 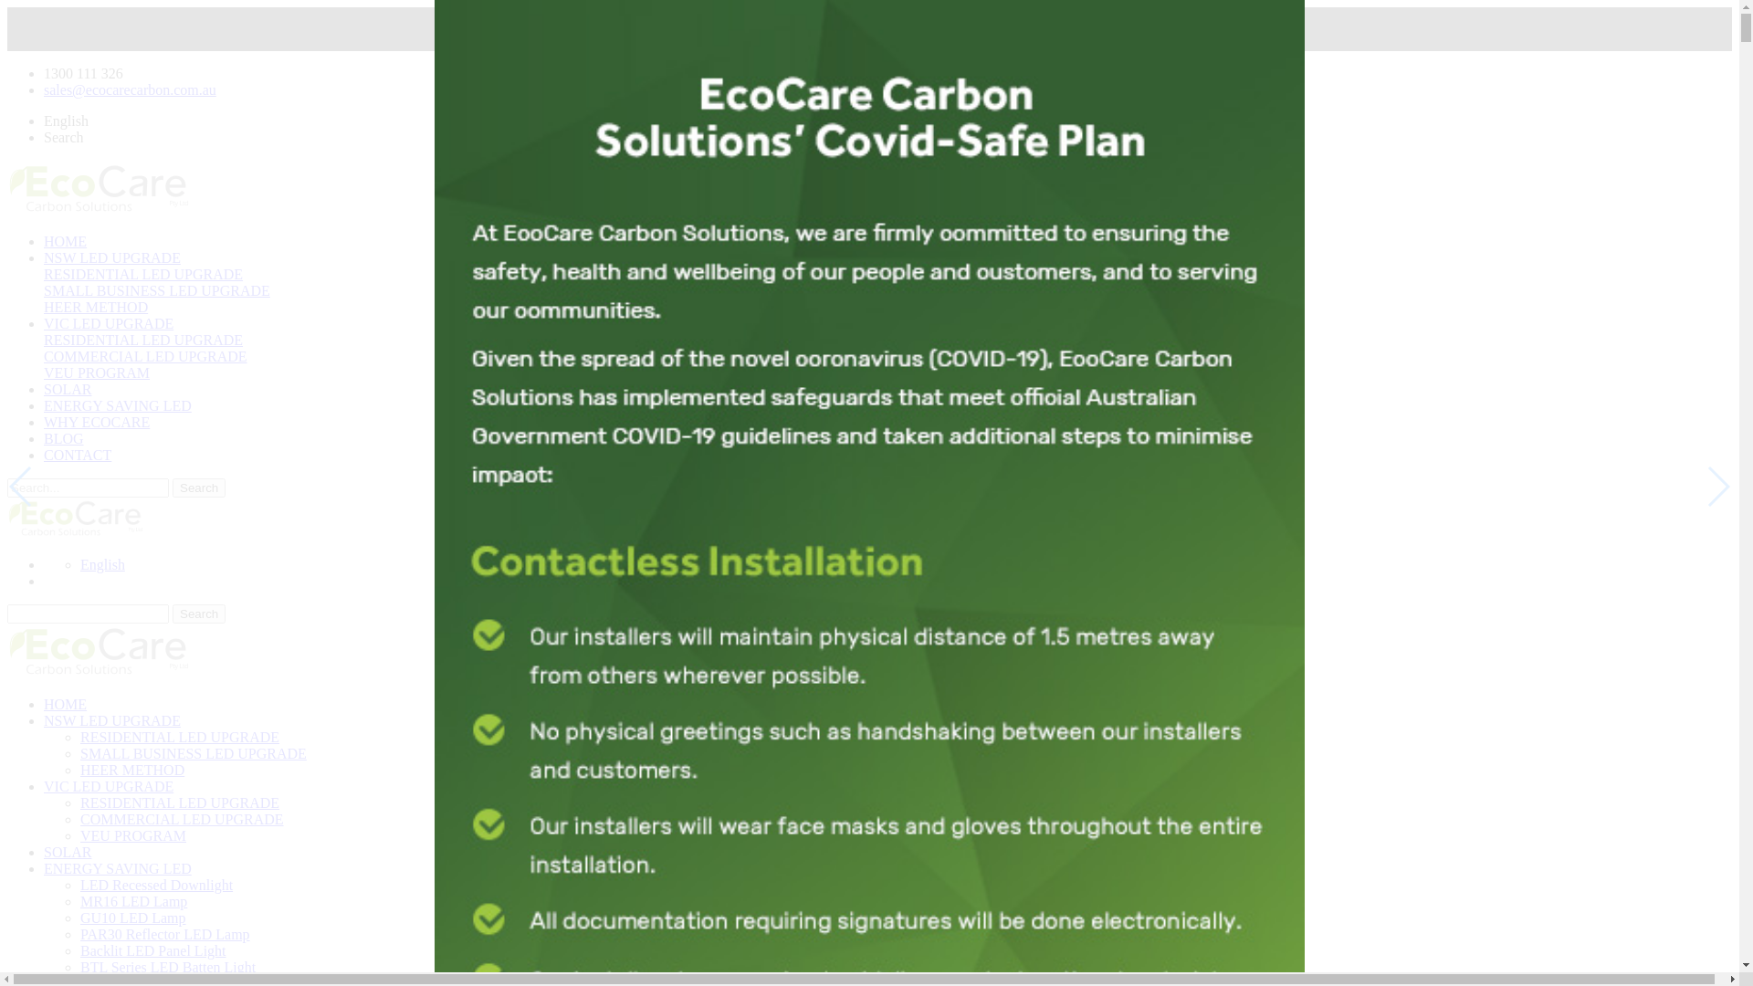 I want to click on 'HOME', so click(x=65, y=240).